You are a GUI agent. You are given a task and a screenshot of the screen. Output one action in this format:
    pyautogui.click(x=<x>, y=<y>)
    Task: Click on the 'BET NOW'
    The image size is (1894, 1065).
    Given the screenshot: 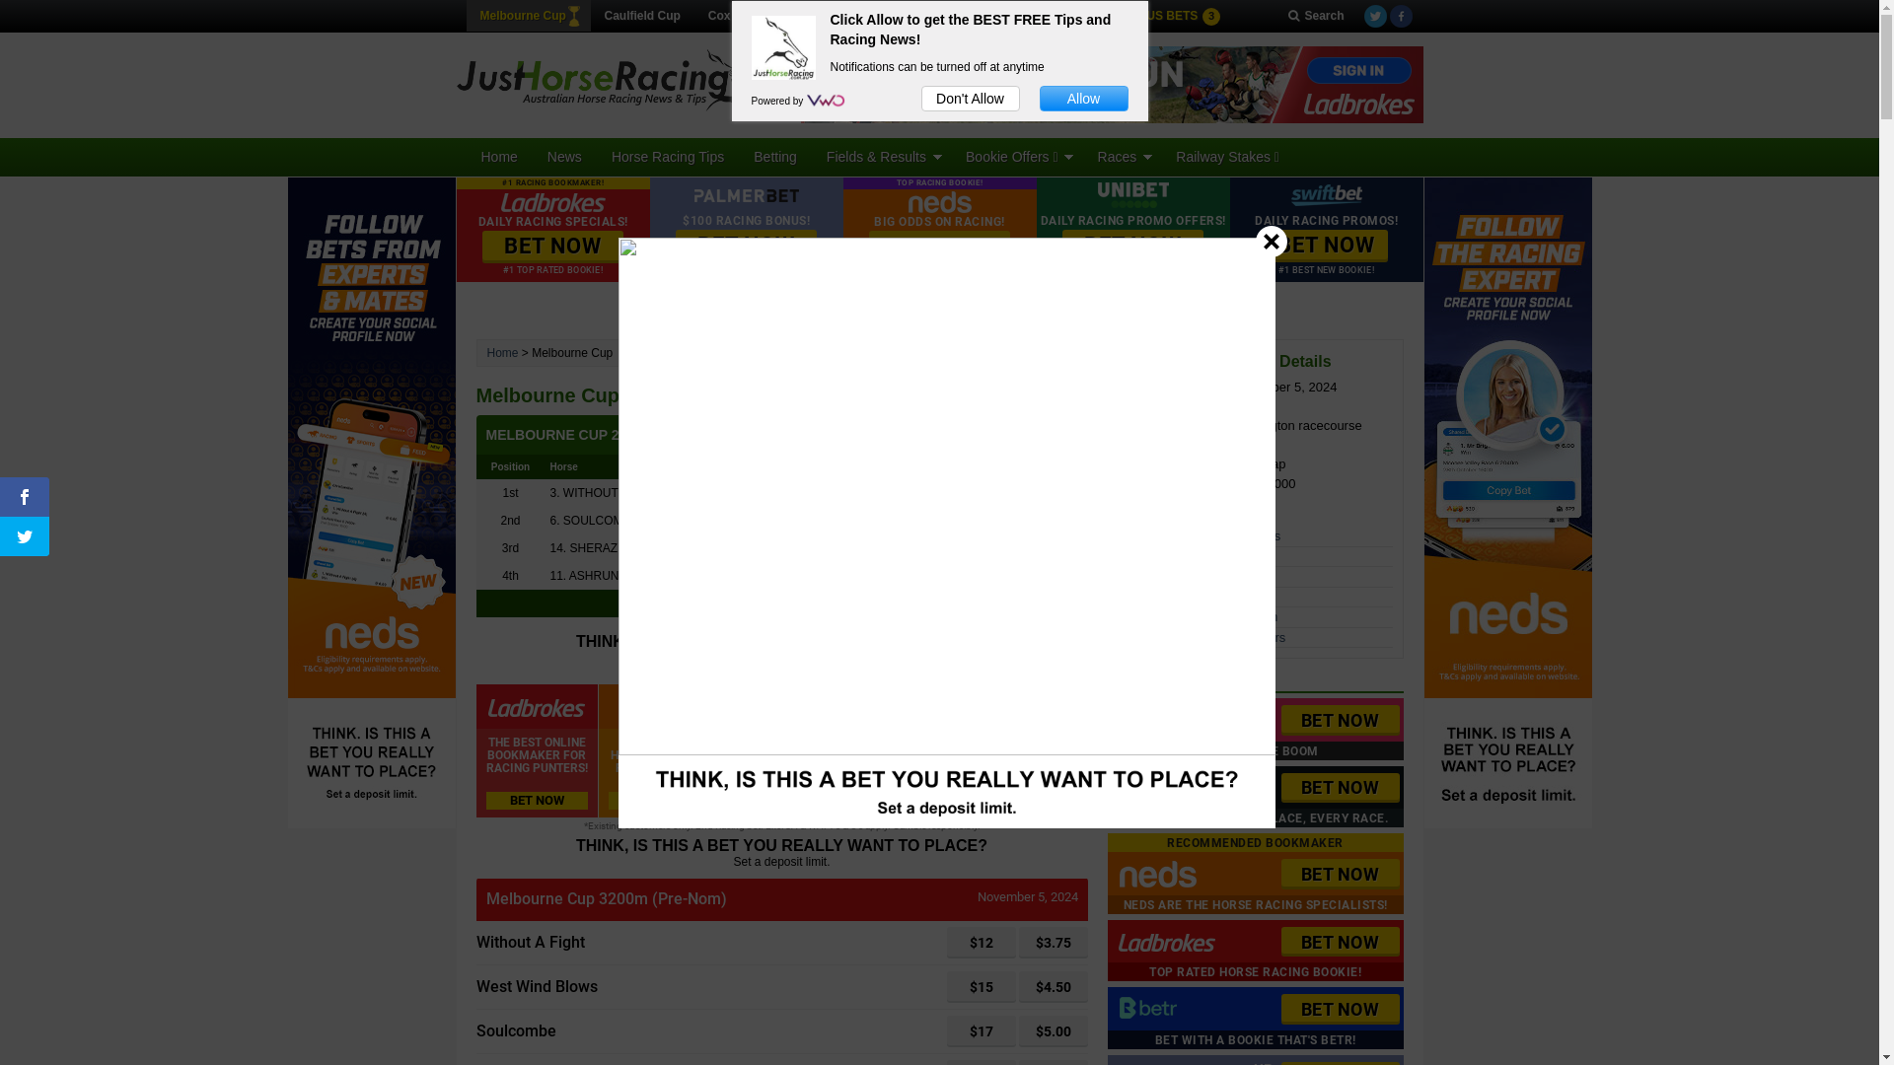 What is the action you would take?
    pyautogui.click(x=1279, y=873)
    